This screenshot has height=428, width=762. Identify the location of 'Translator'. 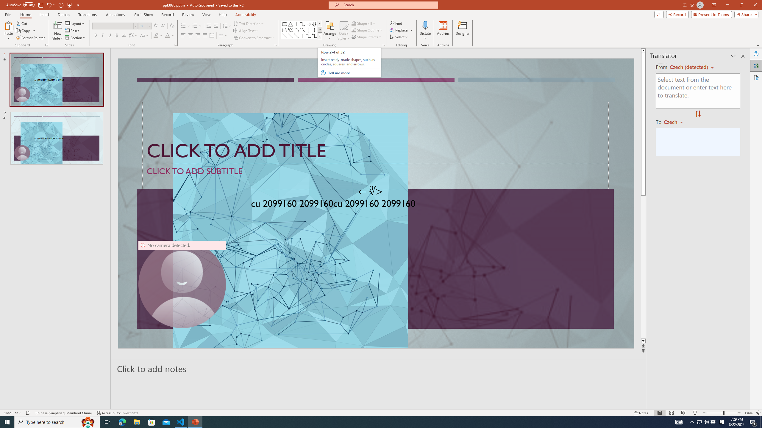
(756, 66).